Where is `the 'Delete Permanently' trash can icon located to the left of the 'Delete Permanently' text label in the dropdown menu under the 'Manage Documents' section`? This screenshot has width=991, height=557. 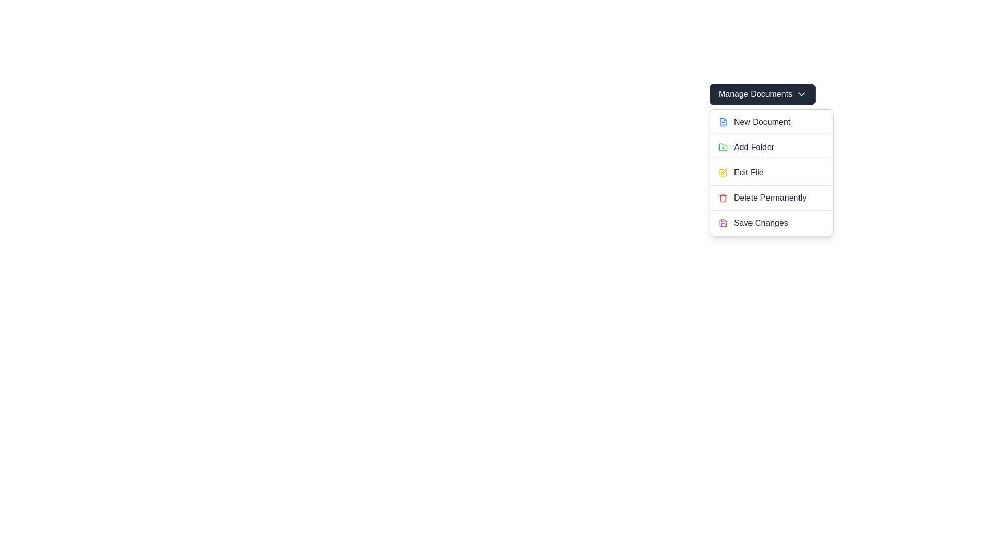
the 'Delete Permanently' trash can icon located to the left of the 'Delete Permanently' text label in the dropdown menu under the 'Manage Documents' section is located at coordinates (722, 198).